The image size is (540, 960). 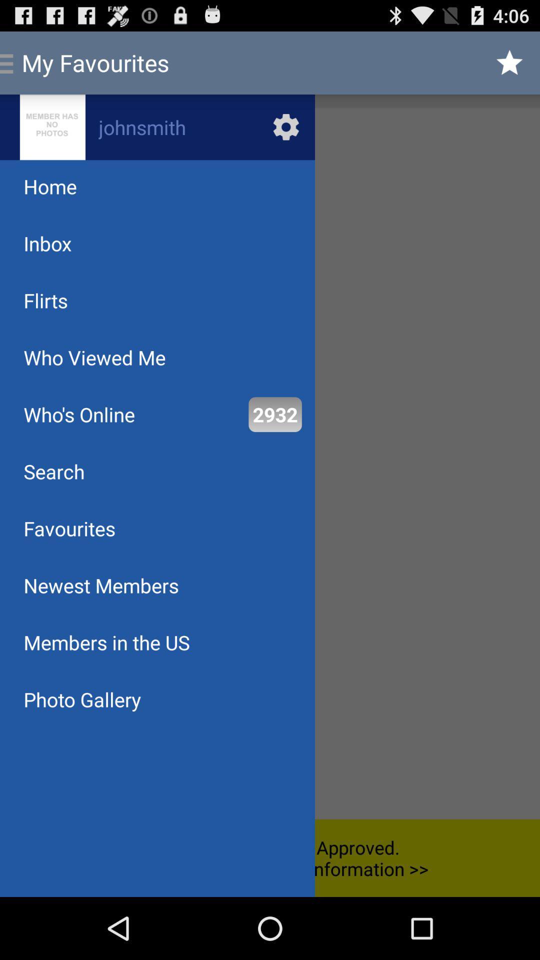 What do you see at coordinates (157, 126) in the screenshot?
I see `profile settings account settings` at bounding box center [157, 126].